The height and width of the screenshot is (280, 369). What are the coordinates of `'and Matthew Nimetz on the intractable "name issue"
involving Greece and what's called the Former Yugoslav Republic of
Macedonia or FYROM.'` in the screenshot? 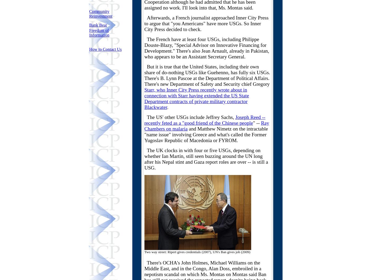 It's located at (206, 134).